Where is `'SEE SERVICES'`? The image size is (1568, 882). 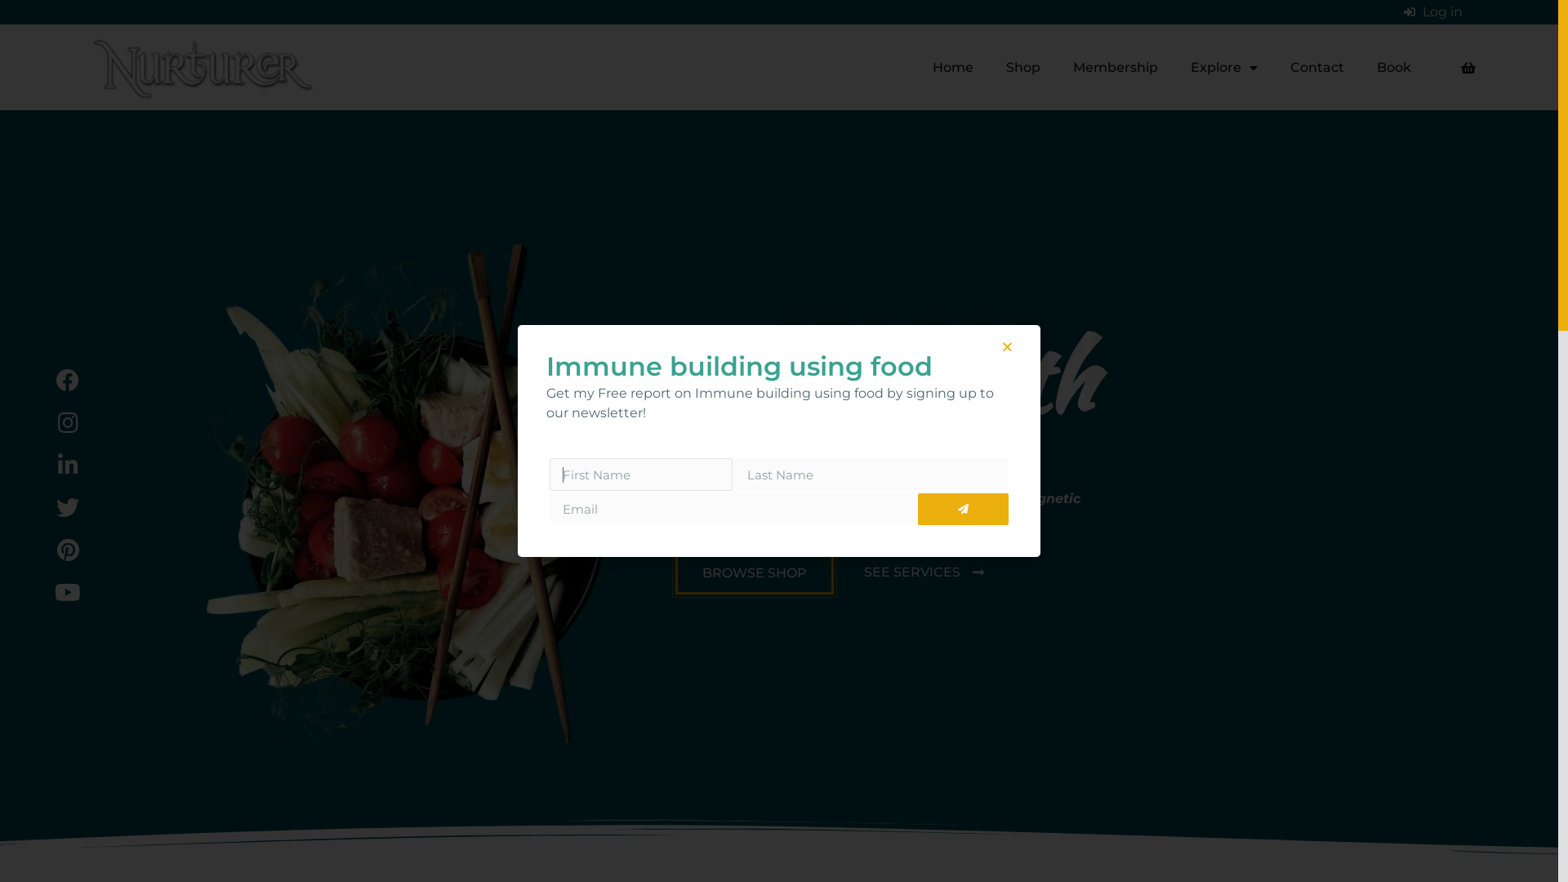
'SEE SERVICES' is located at coordinates (924, 572).